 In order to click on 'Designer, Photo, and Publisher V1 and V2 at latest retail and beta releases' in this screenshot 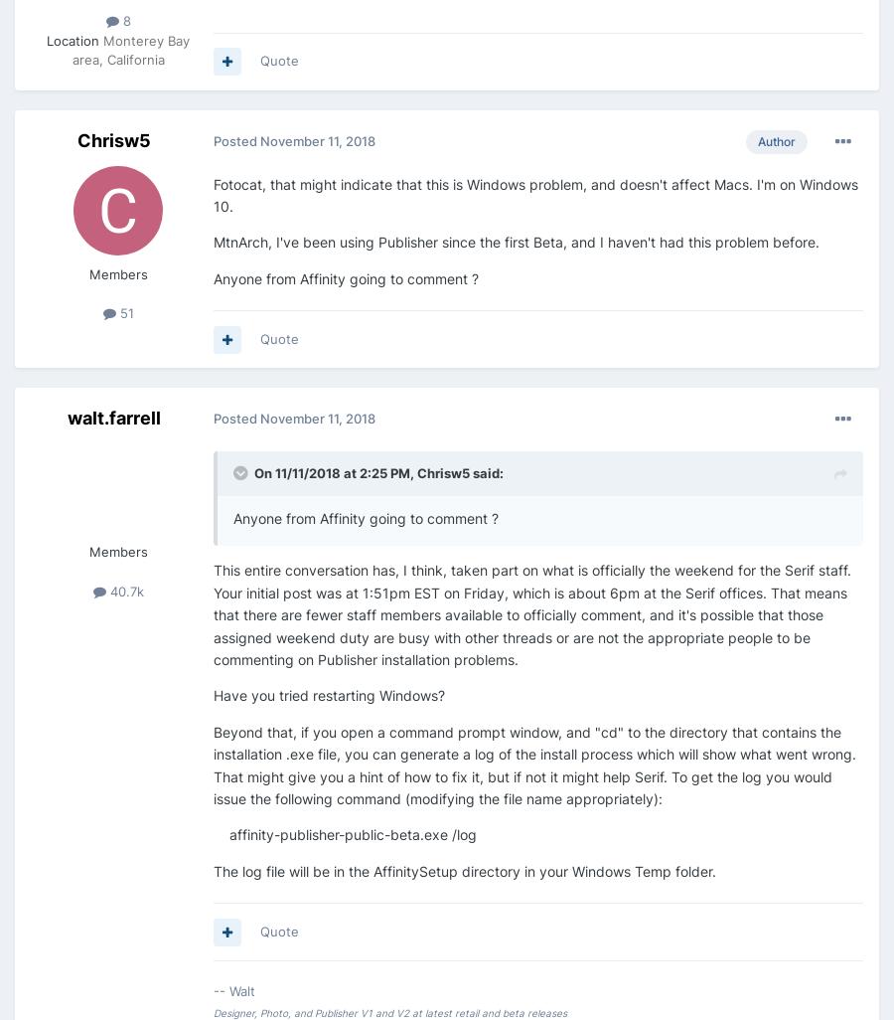, I will do `click(390, 1010)`.